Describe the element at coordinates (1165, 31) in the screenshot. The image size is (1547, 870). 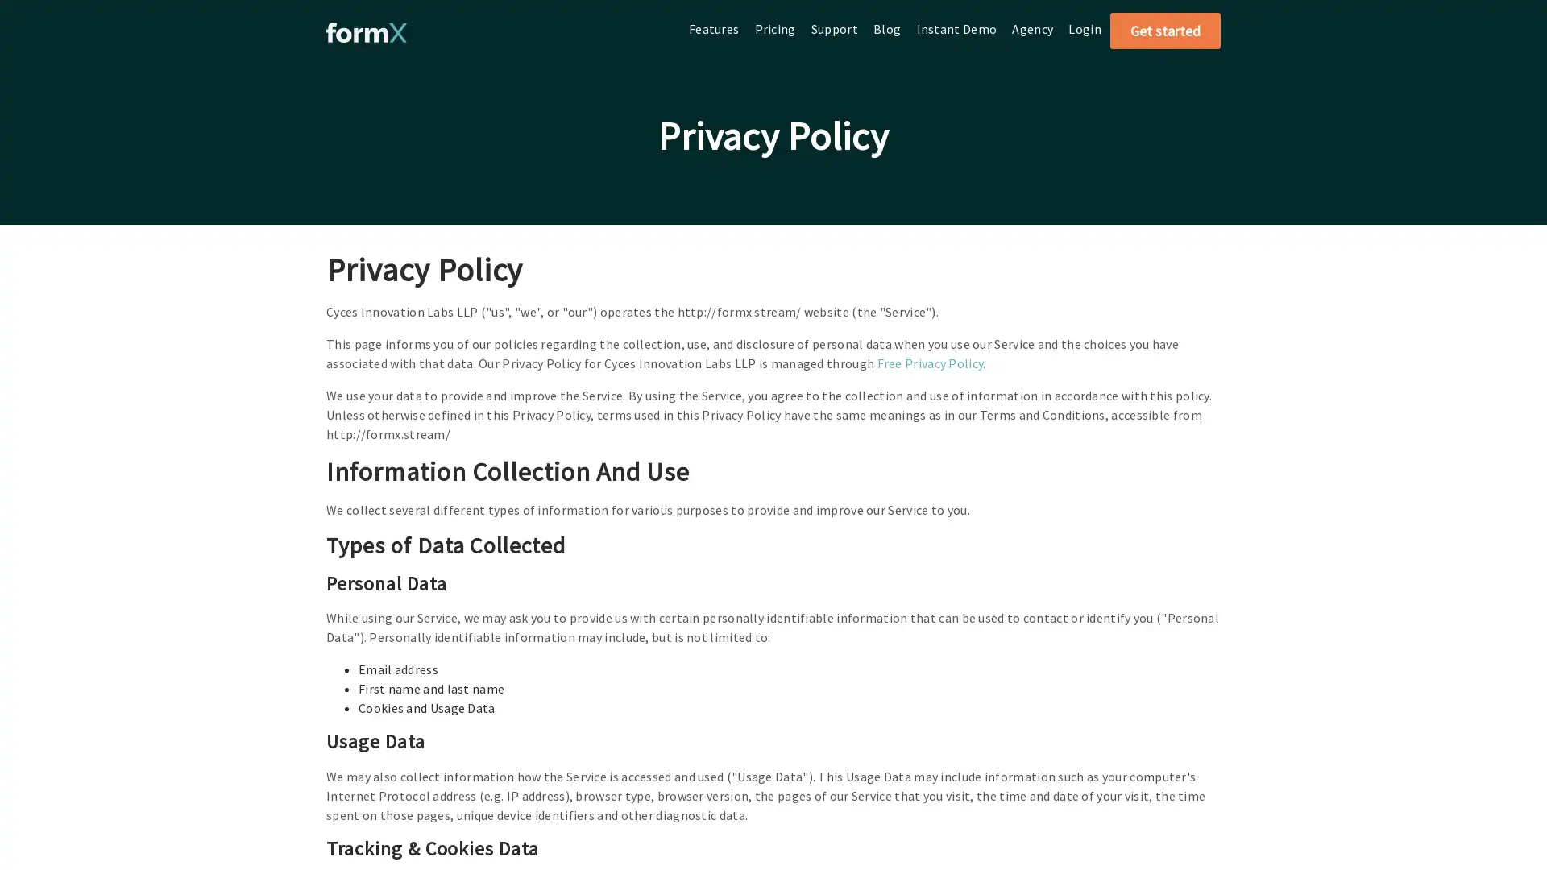
I see `Get started` at that location.